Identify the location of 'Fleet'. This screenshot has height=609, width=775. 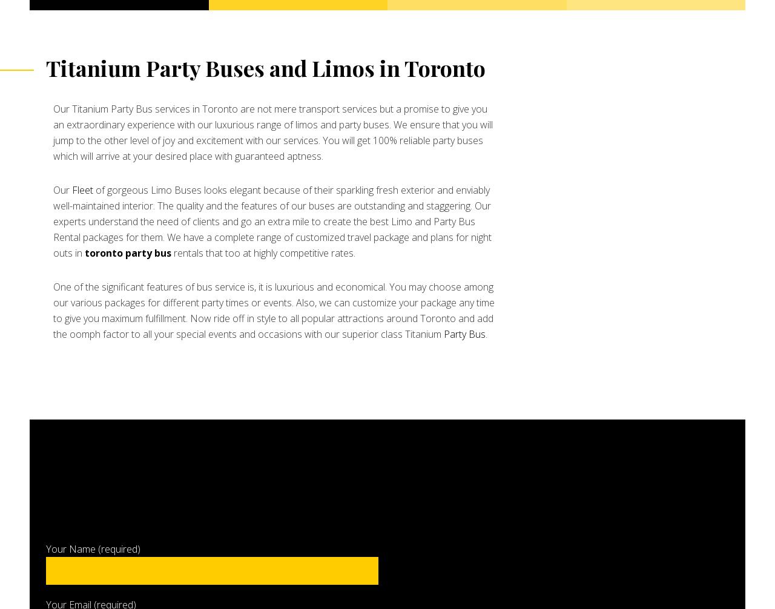
(82, 189).